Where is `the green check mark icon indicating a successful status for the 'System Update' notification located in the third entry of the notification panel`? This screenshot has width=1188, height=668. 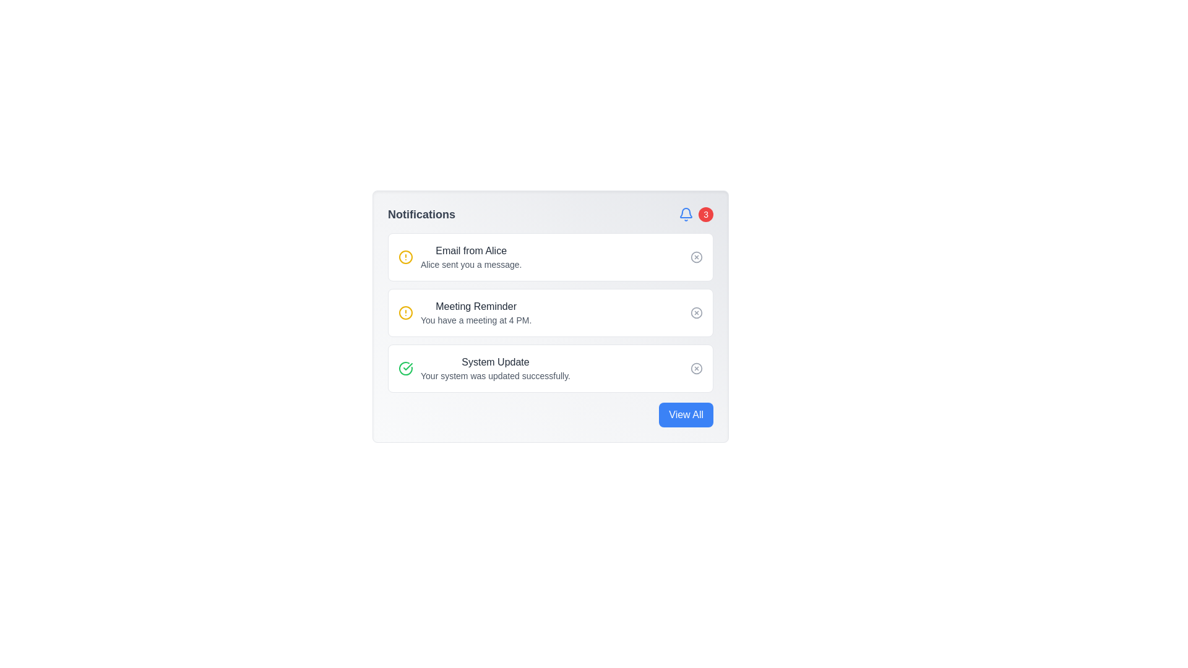
the green check mark icon indicating a successful status for the 'System Update' notification located in the third entry of the notification panel is located at coordinates (406, 368).